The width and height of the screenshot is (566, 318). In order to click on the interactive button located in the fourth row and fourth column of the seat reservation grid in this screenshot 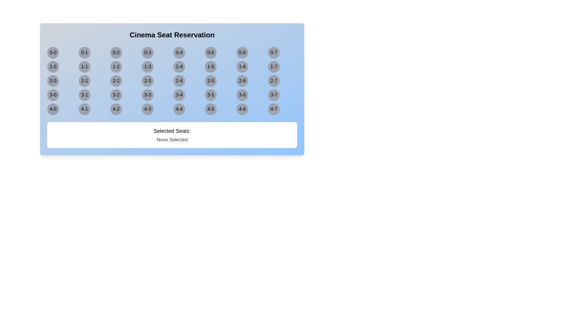, I will do `click(147, 95)`.